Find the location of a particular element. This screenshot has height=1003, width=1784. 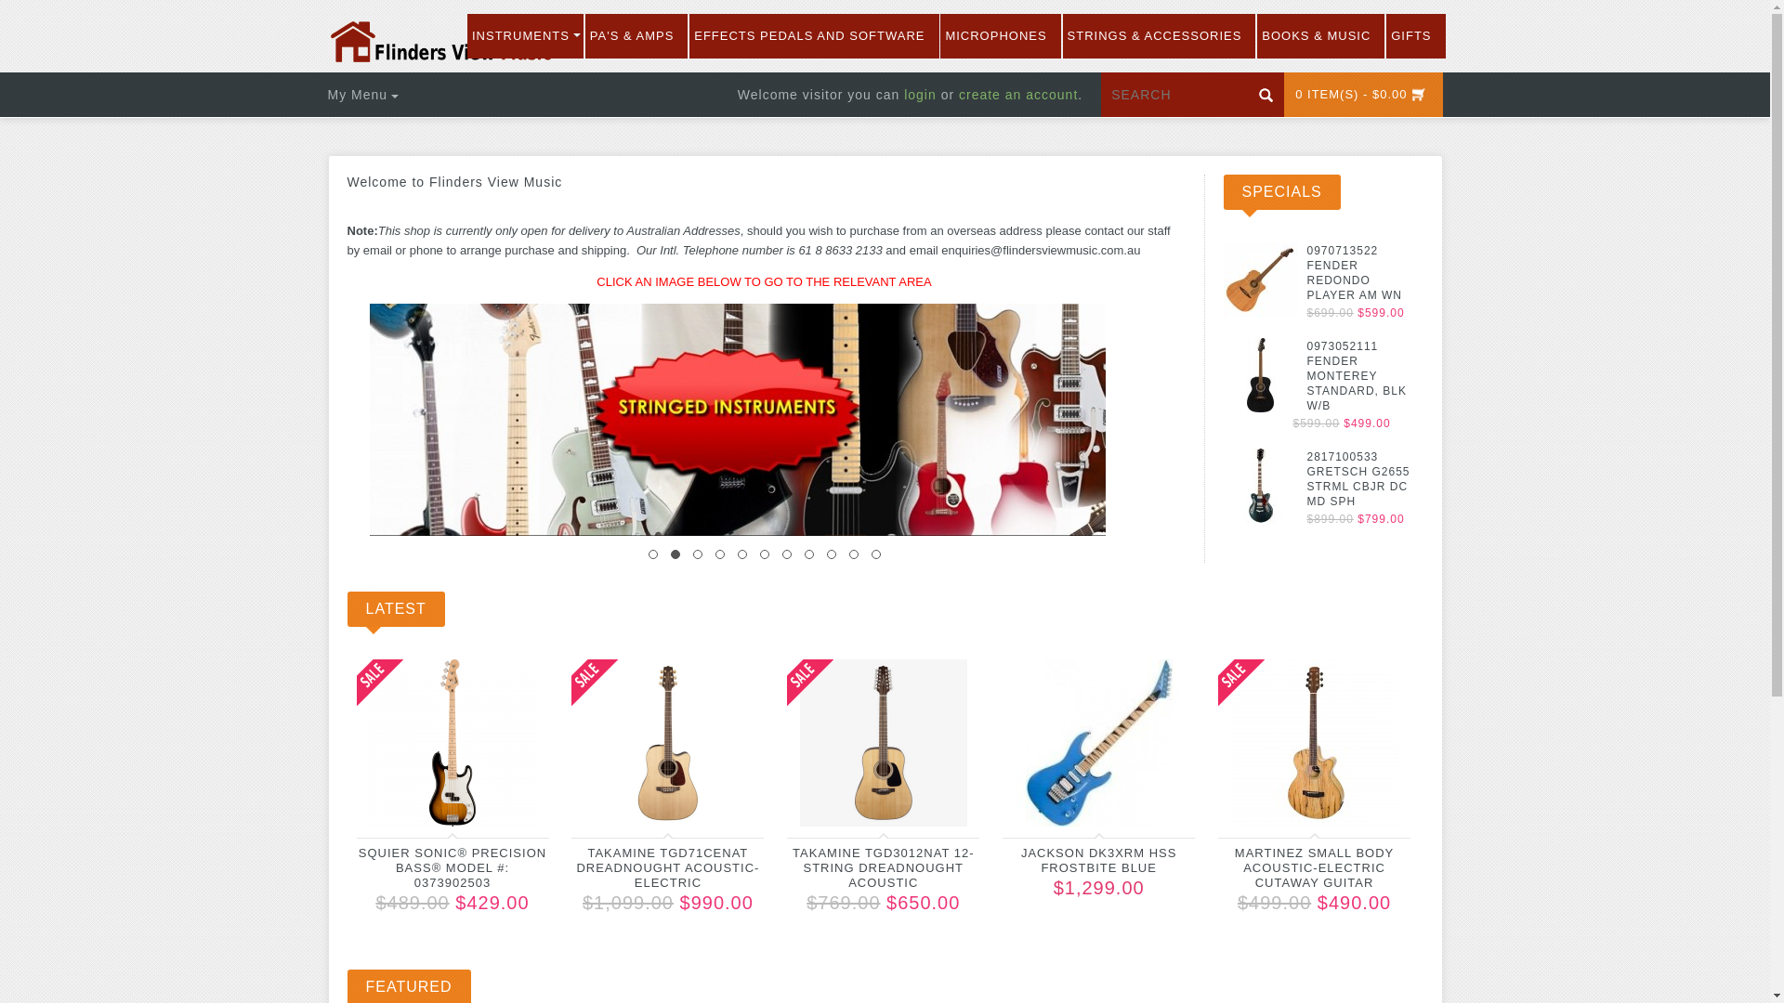

'TAKAMINE TGD3012NAT 12-STRING DREADNOUGHT ACOUSTIC' is located at coordinates (793, 867).